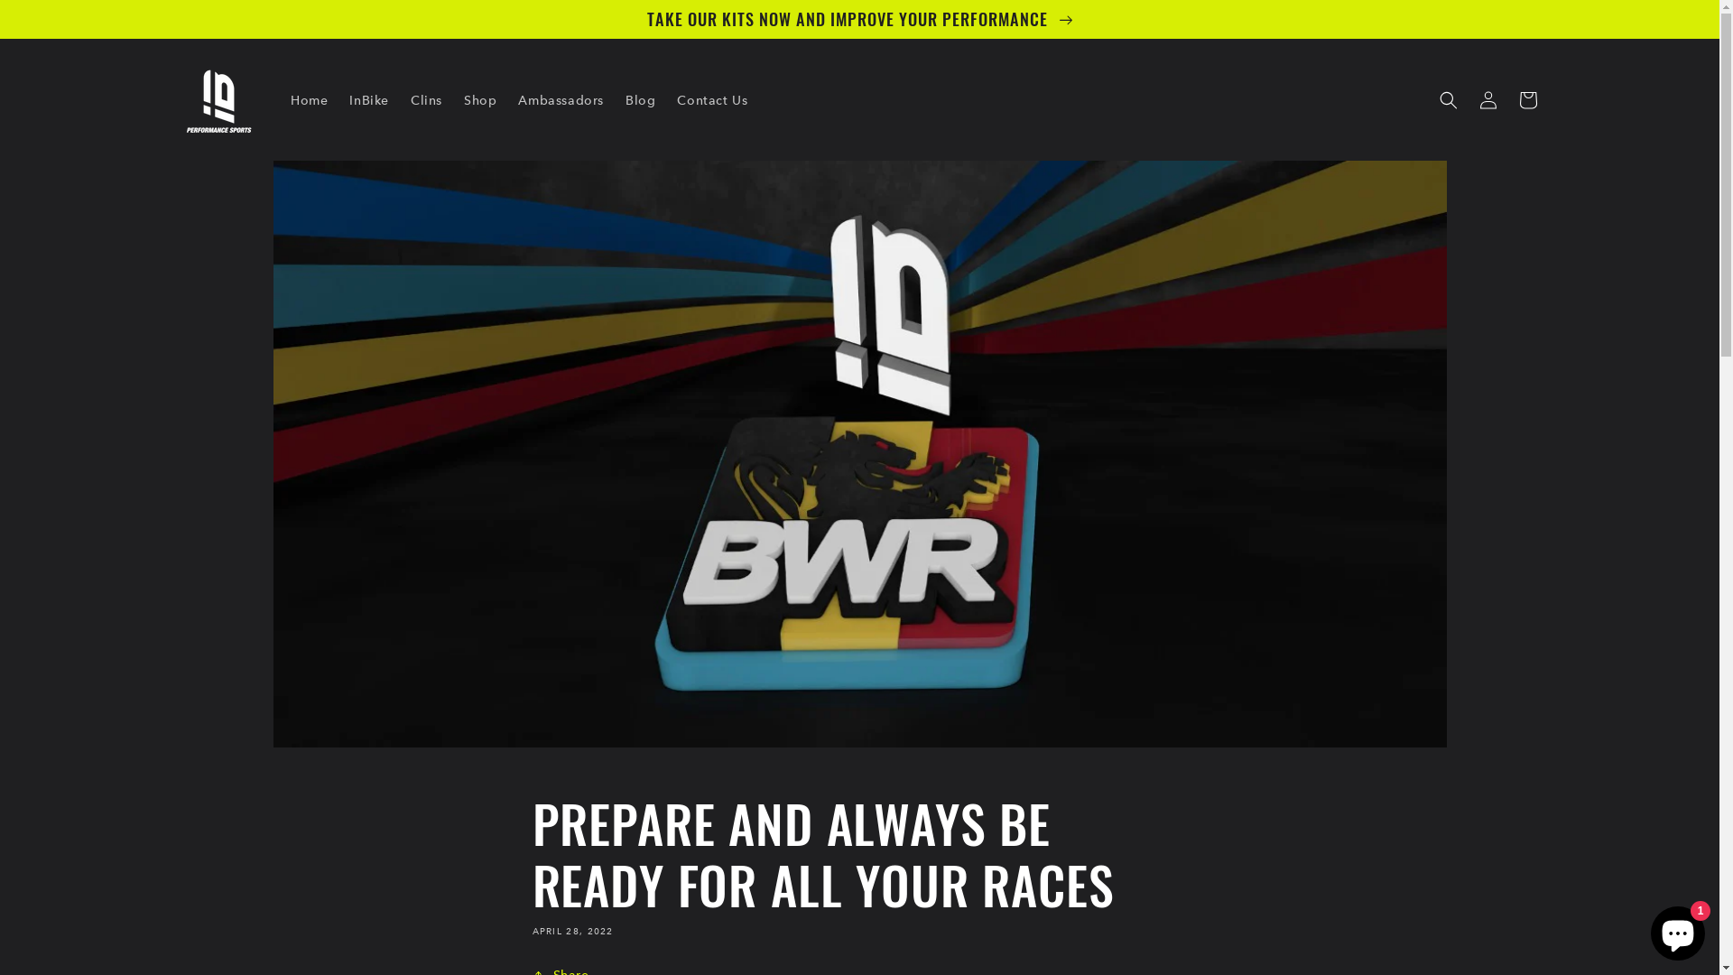  Describe the element at coordinates (560, 100) in the screenshot. I see `'Ambassadors'` at that location.